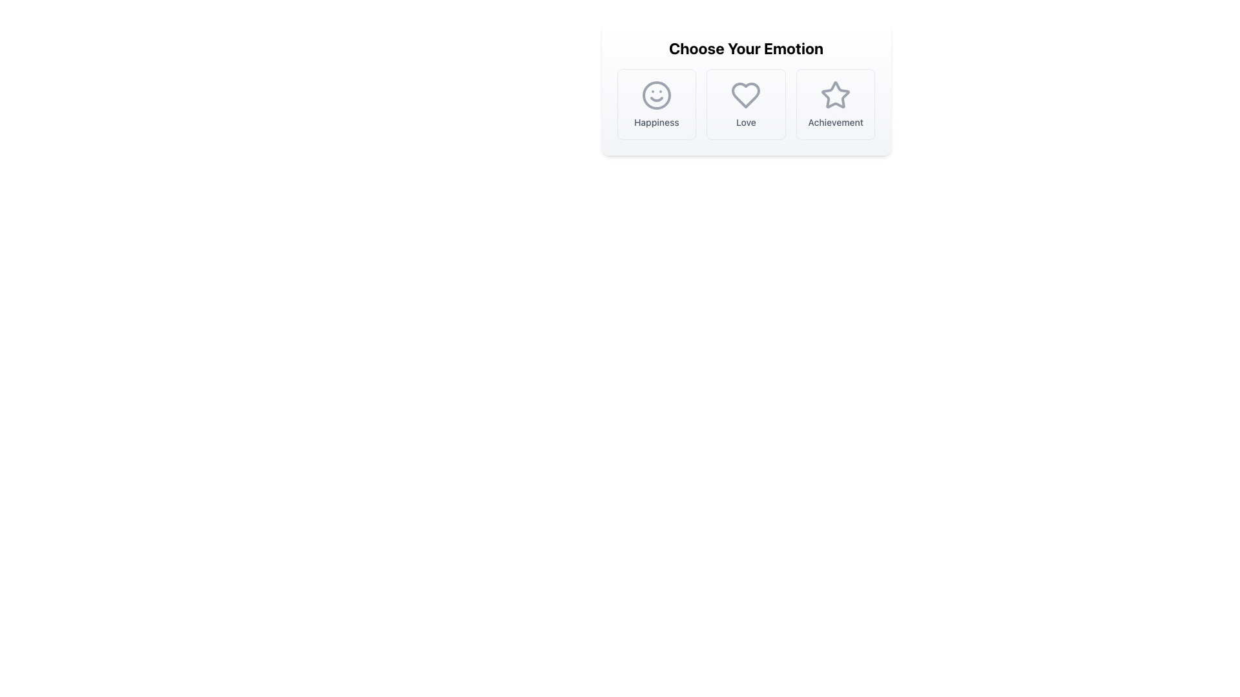  Describe the element at coordinates (656, 104) in the screenshot. I see `the Interactive selection box for 'Happiness', which features a smiling face icon and is located in the first column of a grid layout` at that location.